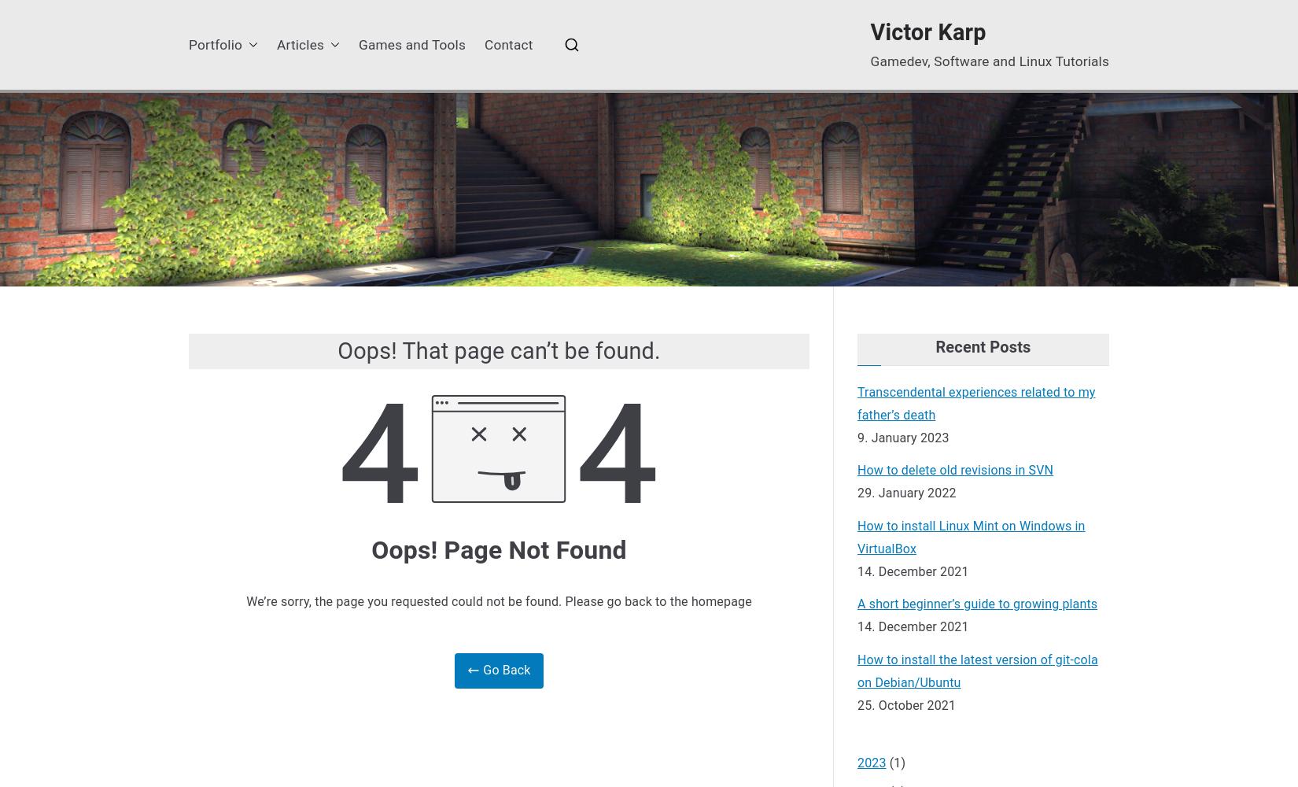 This screenshot has width=1298, height=787. What do you see at coordinates (982, 346) in the screenshot?
I see `'Recent Posts'` at bounding box center [982, 346].